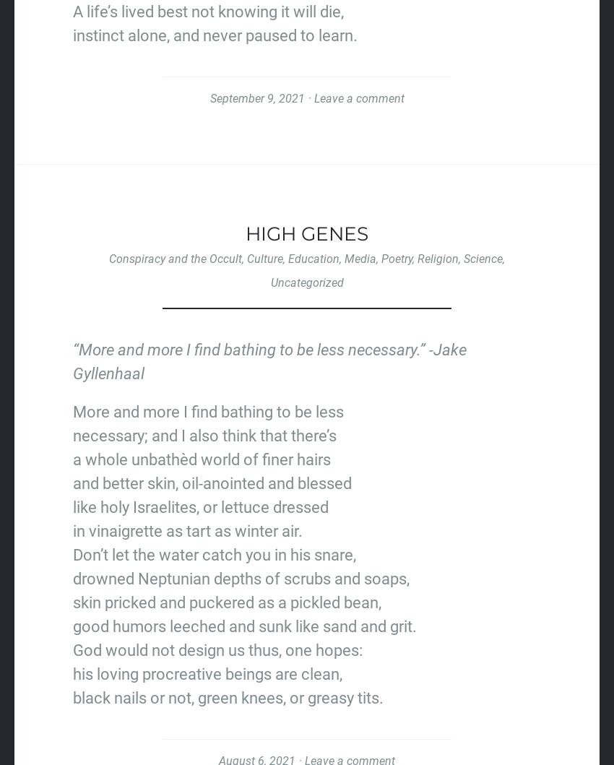 Image resolution: width=614 pixels, height=765 pixels. What do you see at coordinates (72, 362) in the screenshot?
I see `'“More and more I find bathing to be less necessary.” -Jake Gyllenhaal'` at bounding box center [72, 362].